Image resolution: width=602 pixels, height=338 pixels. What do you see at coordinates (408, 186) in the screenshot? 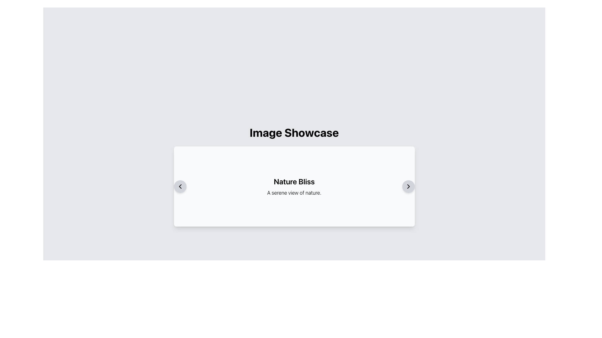
I see `the circular navigation button with a rightward-pointing chevron icon` at bounding box center [408, 186].